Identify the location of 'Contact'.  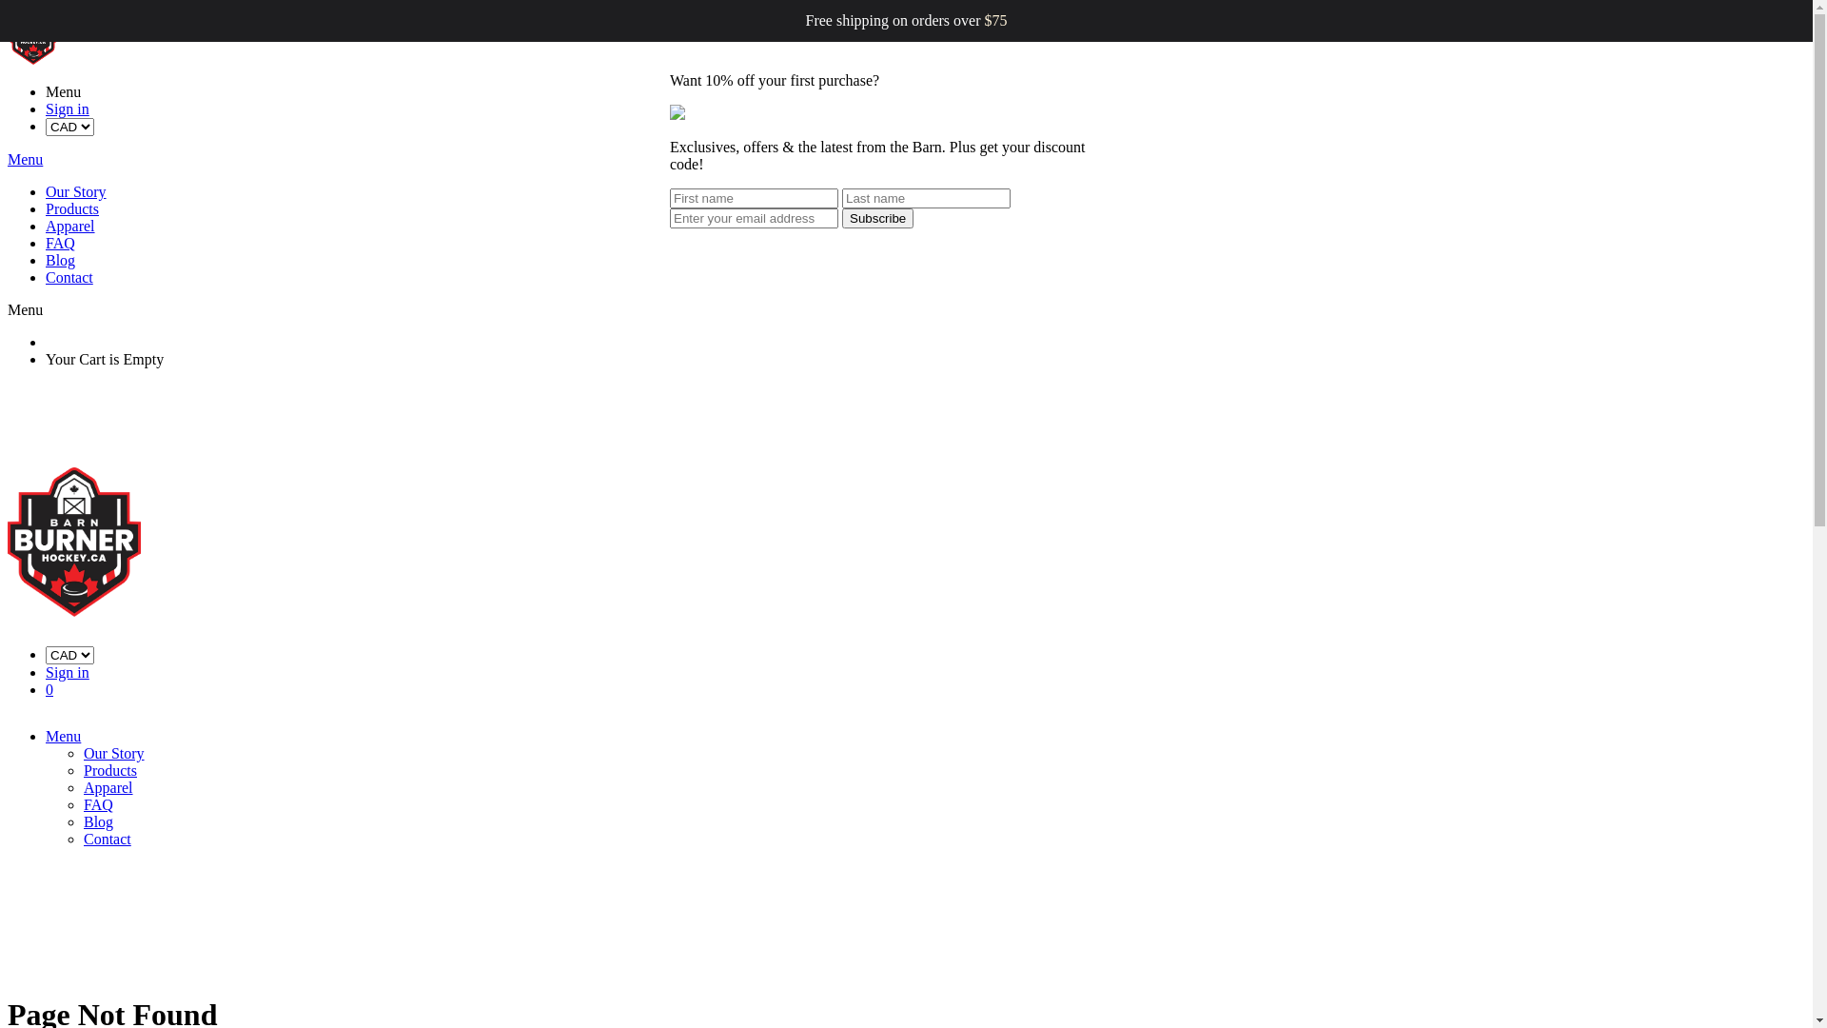
(69, 277).